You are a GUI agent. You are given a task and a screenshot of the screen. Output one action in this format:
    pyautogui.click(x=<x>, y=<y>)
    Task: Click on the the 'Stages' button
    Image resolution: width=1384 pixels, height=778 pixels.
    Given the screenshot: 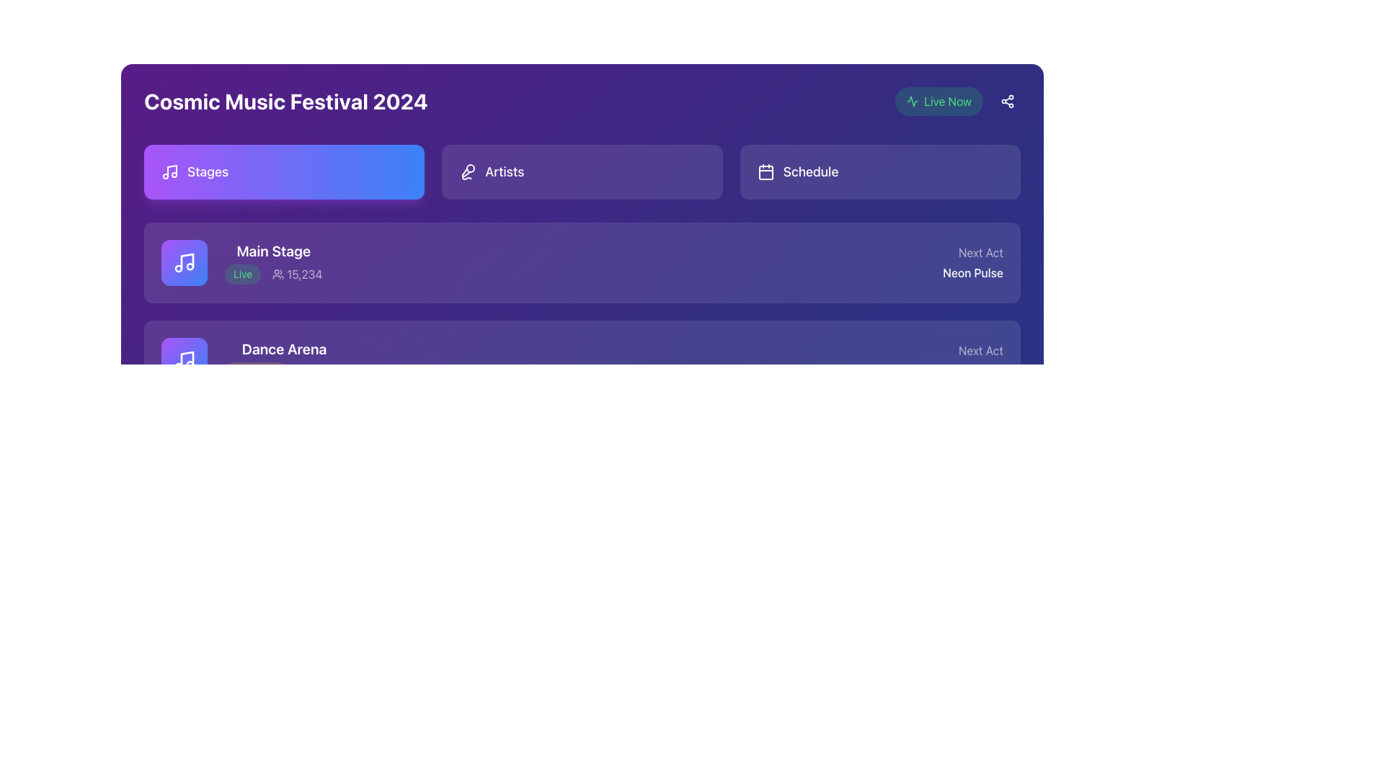 What is the action you would take?
    pyautogui.click(x=284, y=171)
    